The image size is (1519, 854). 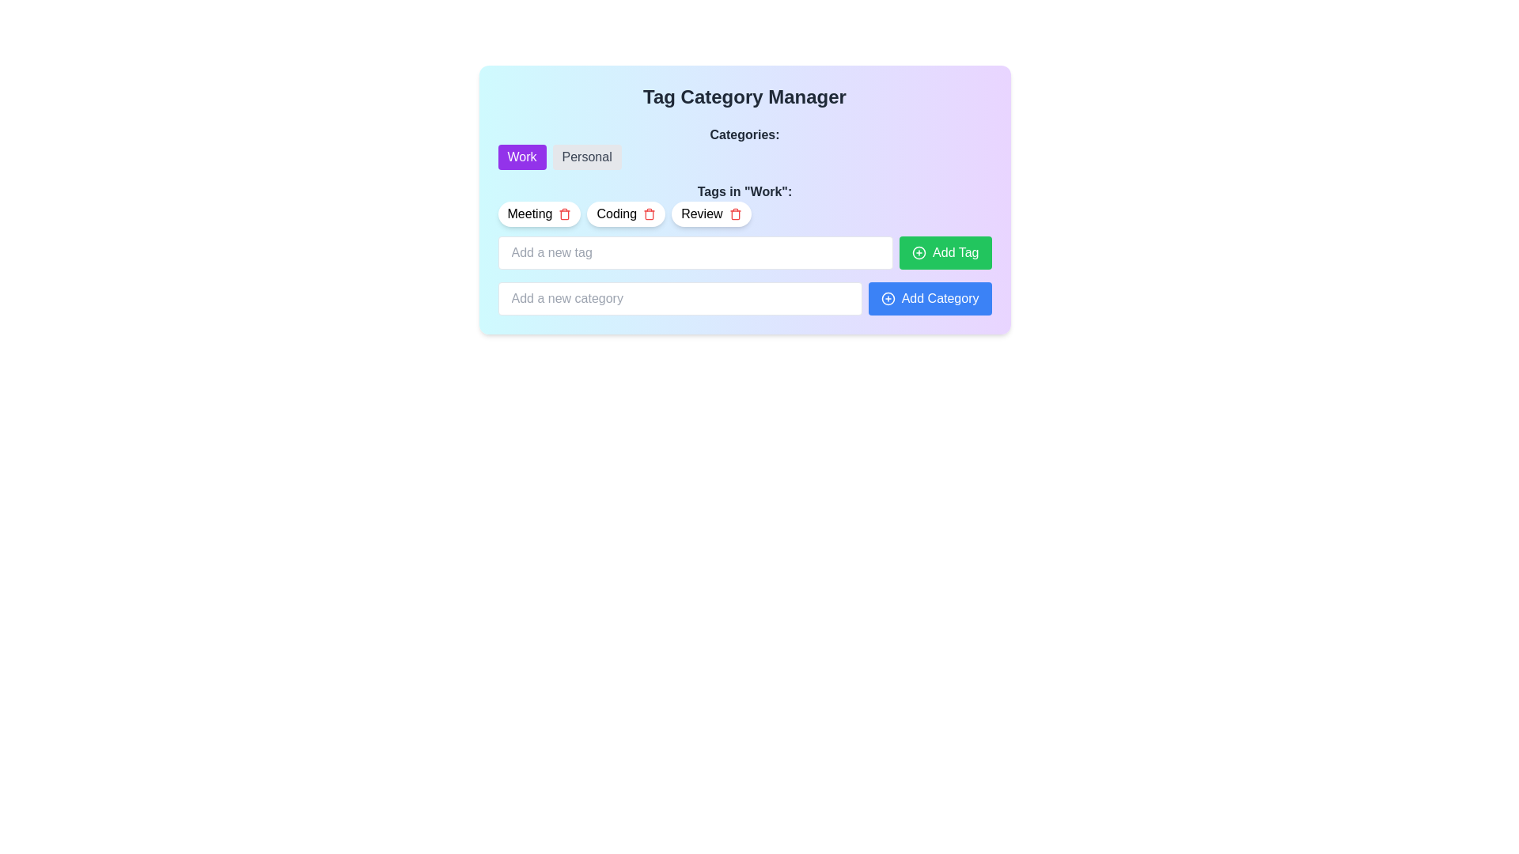 I want to click on the icon within the 'Add Category' button, which represents the action to add a new category, located to the left of the 'Add Category' text label, so click(x=888, y=299).